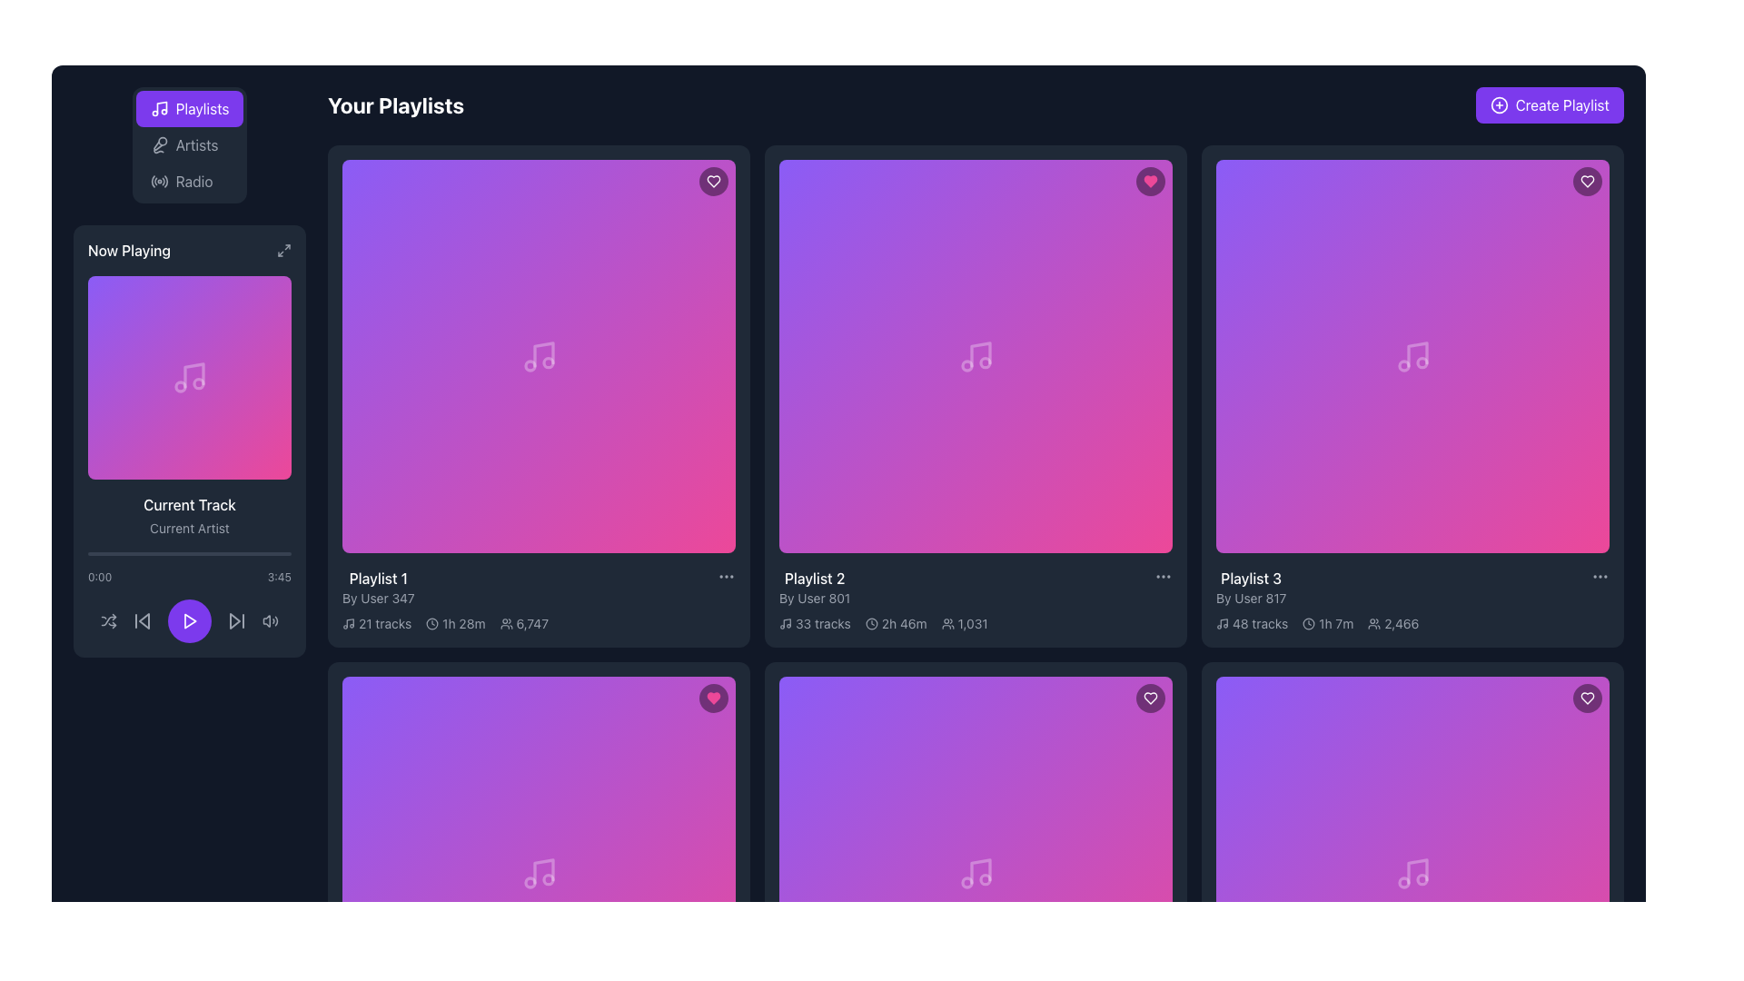 Image resolution: width=1744 pixels, height=981 pixels. Describe the element at coordinates (979, 870) in the screenshot. I see `the music note icon located in the lower-central part of the playlist grid layout, which resembles a vertical line with a pointed top` at that location.